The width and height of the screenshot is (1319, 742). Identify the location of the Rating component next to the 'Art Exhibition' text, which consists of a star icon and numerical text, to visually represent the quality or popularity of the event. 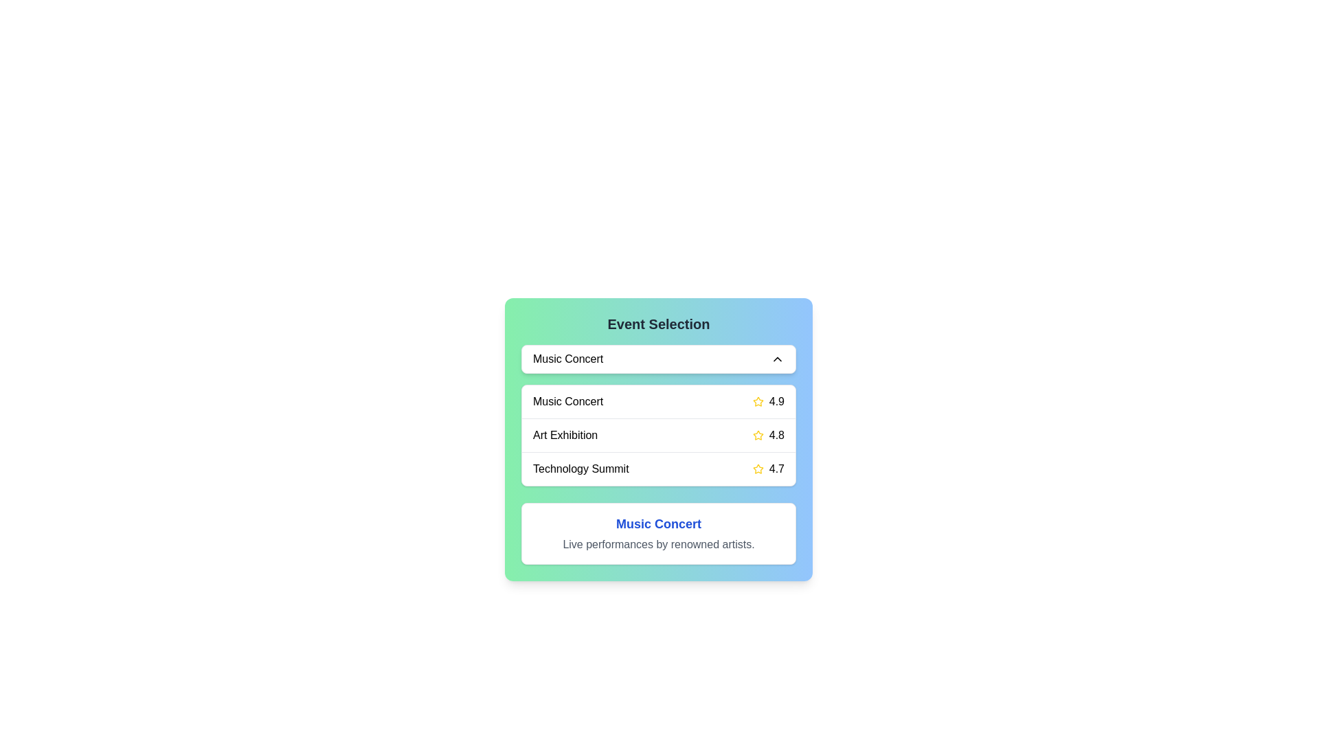
(767, 435).